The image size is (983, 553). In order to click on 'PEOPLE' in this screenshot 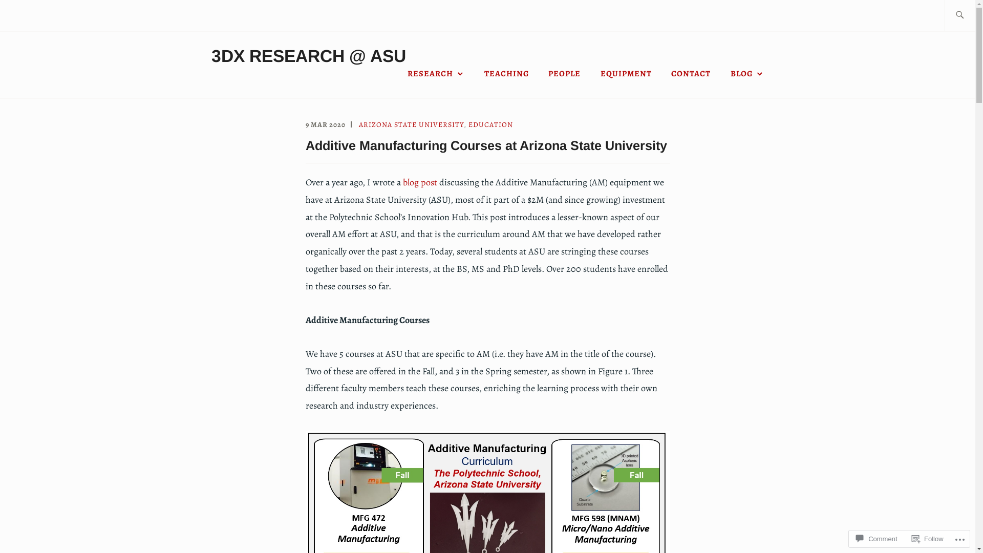, I will do `click(564, 73)`.